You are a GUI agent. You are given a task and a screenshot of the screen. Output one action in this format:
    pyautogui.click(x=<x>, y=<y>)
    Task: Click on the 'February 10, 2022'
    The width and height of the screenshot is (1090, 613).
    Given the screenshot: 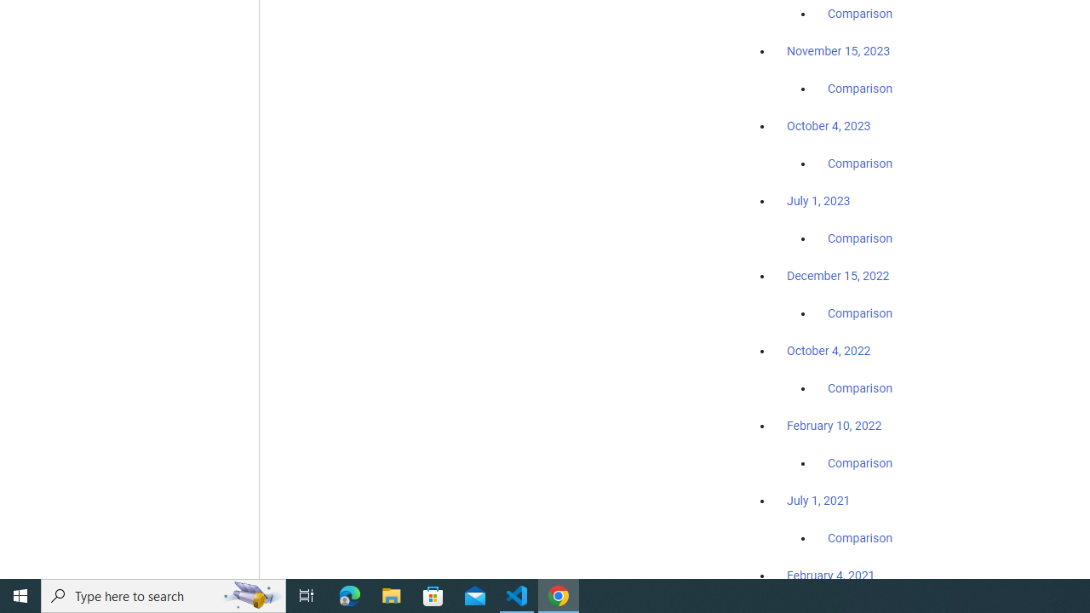 What is the action you would take?
    pyautogui.click(x=834, y=425)
    